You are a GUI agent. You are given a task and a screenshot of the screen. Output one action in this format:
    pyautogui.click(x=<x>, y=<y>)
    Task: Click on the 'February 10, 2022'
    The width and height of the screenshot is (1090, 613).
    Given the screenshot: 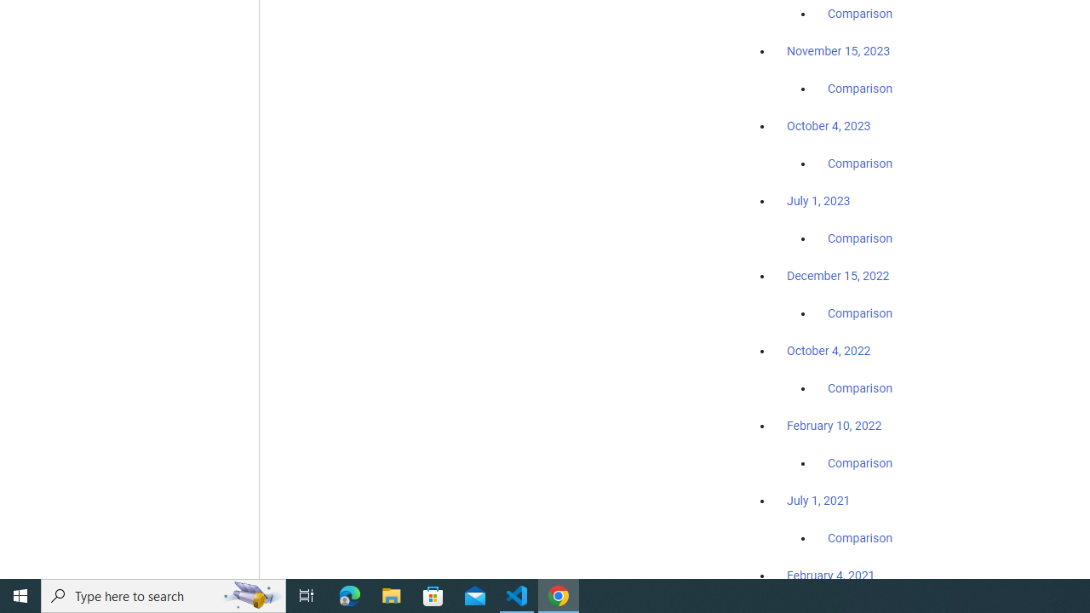 What is the action you would take?
    pyautogui.click(x=834, y=425)
    